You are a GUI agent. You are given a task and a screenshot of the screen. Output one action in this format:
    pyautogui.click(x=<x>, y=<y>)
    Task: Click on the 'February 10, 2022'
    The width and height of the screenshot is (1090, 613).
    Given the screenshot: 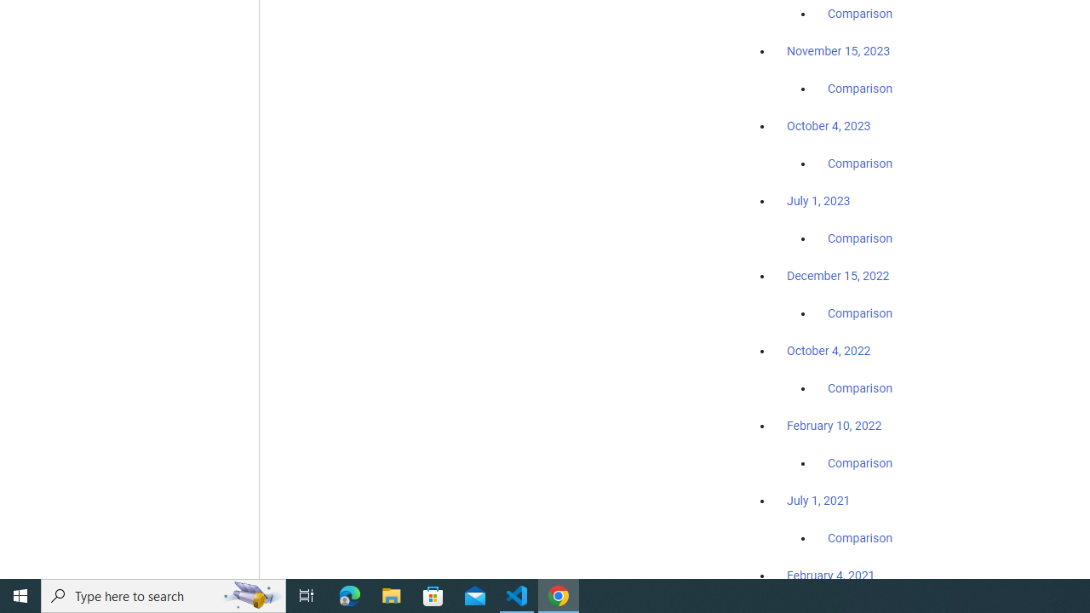 What is the action you would take?
    pyautogui.click(x=834, y=425)
    